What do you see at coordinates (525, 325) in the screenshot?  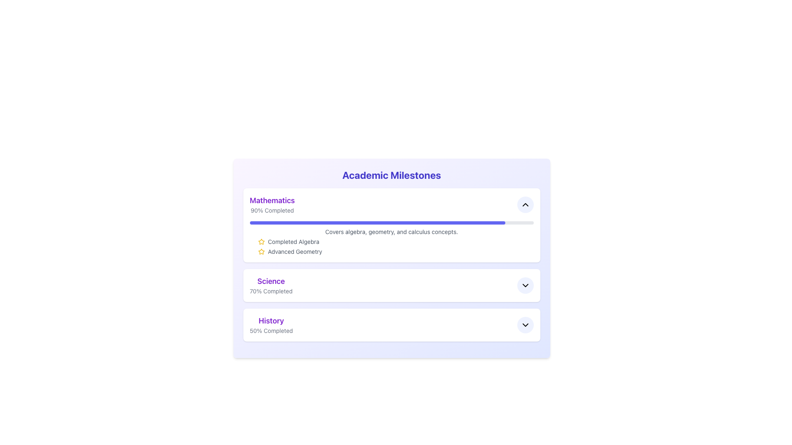 I see `the button that toggles the visibility of additional information in the 'History' section to change its background color` at bounding box center [525, 325].